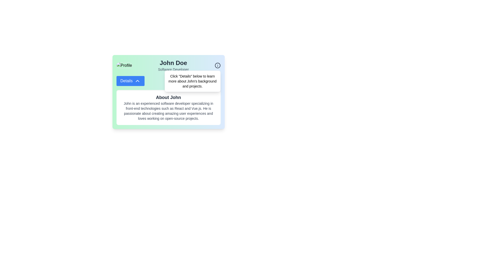  I want to click on the bold title 'John Doe' in the Profile header section, so click(168, 65).